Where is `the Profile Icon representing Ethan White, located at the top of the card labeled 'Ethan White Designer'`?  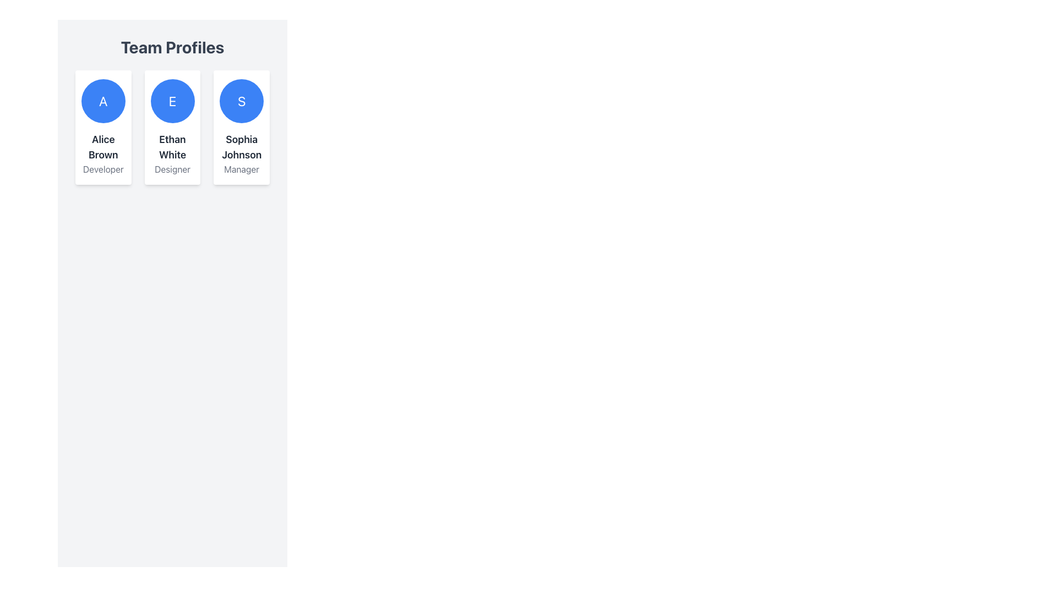 the Profile Icon representing Ethan White, located at the top of the card labeled 'Ethan White Designer' is located at coordinates (172, 101).